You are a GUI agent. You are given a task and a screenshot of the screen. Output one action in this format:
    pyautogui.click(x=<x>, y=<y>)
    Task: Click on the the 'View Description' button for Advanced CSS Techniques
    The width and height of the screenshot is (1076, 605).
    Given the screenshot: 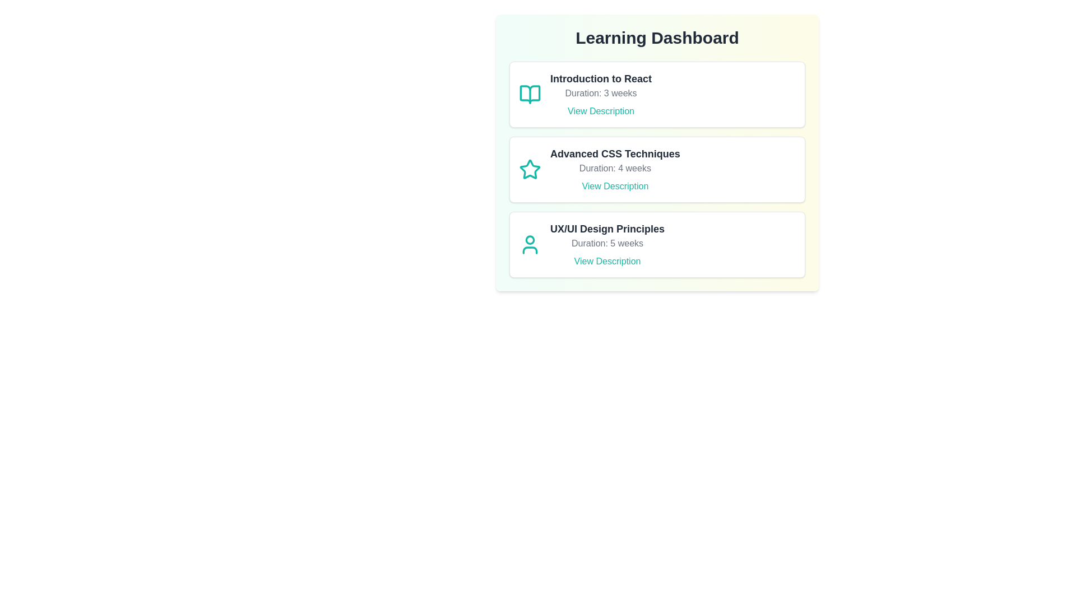 What is the action you would take?
    pyautogui.click(x=614, y=185)
    